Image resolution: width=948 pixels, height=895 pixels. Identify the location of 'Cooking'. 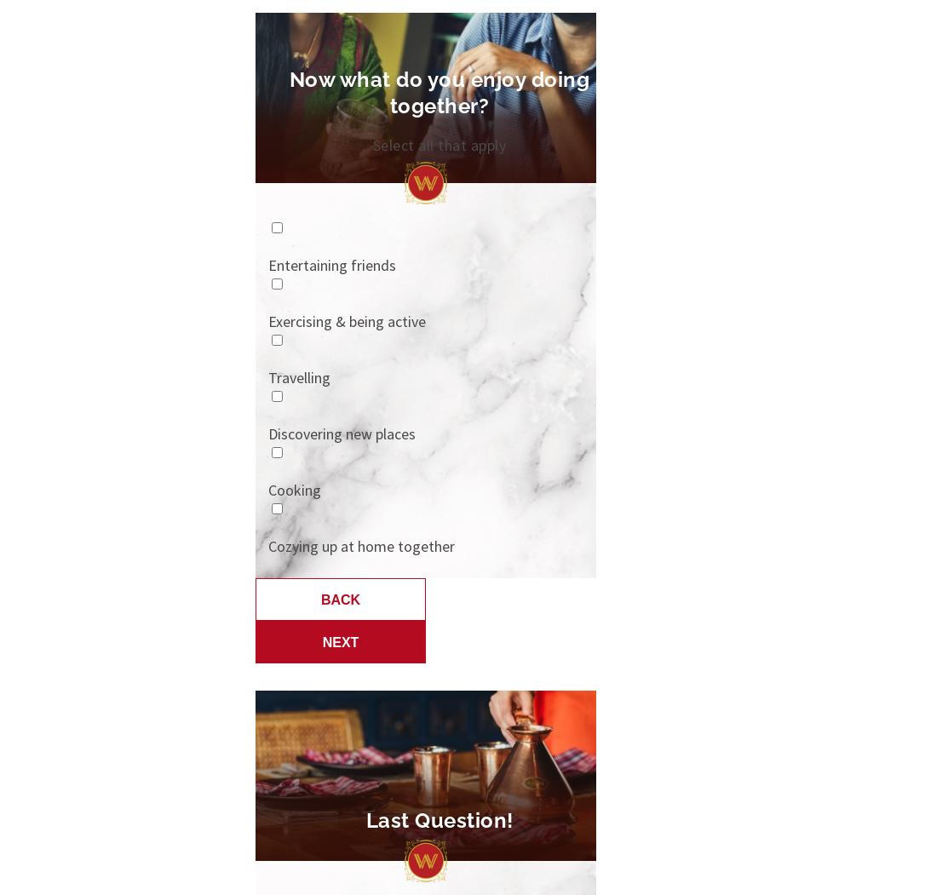
(295, 490).